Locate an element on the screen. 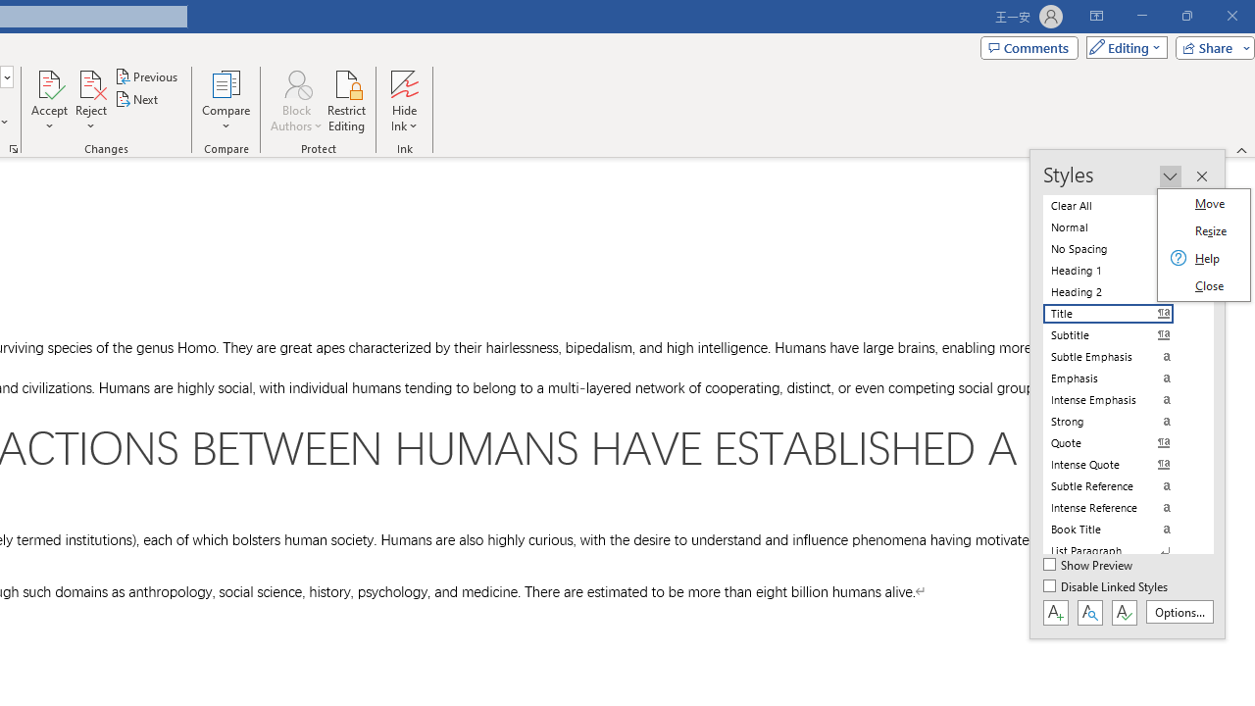 This screenshot has width=1255, height=706. 'Compare' is located at coordinates (226, 101).